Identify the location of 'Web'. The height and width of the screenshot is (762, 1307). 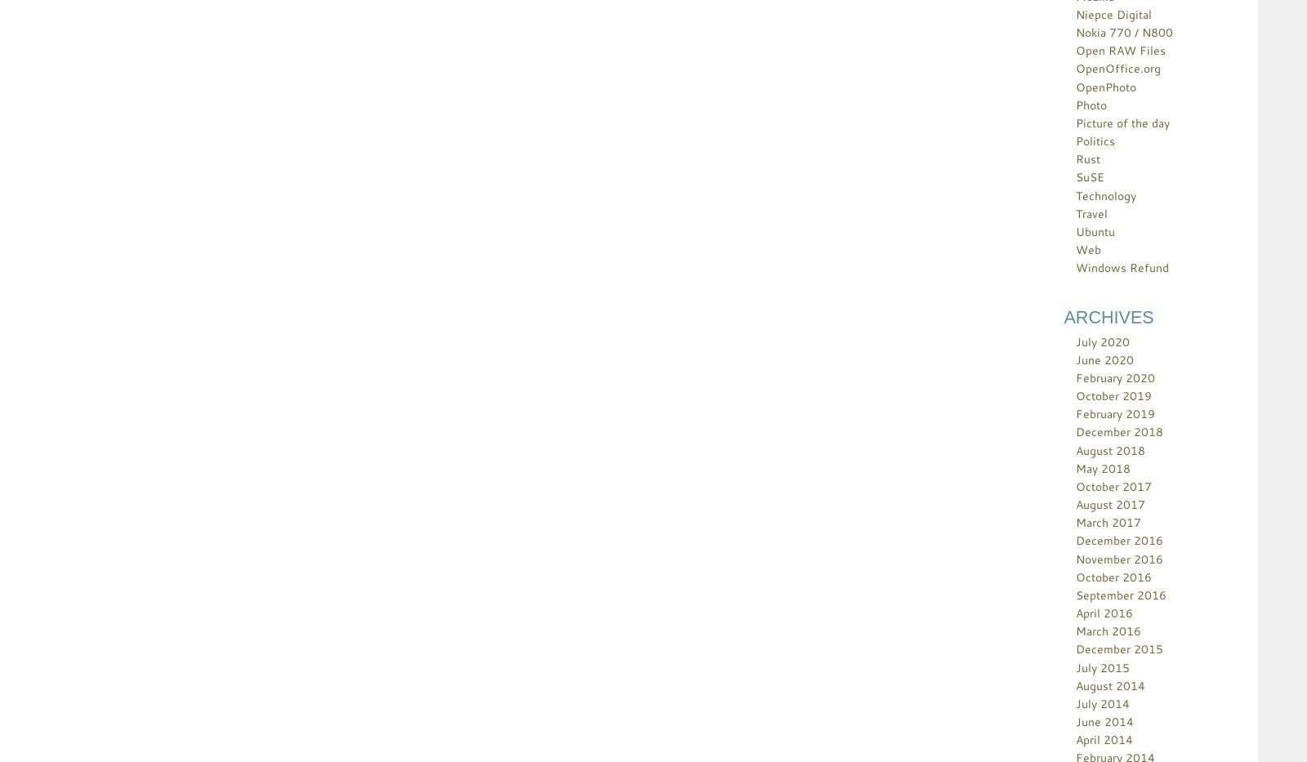
(1087, 249).